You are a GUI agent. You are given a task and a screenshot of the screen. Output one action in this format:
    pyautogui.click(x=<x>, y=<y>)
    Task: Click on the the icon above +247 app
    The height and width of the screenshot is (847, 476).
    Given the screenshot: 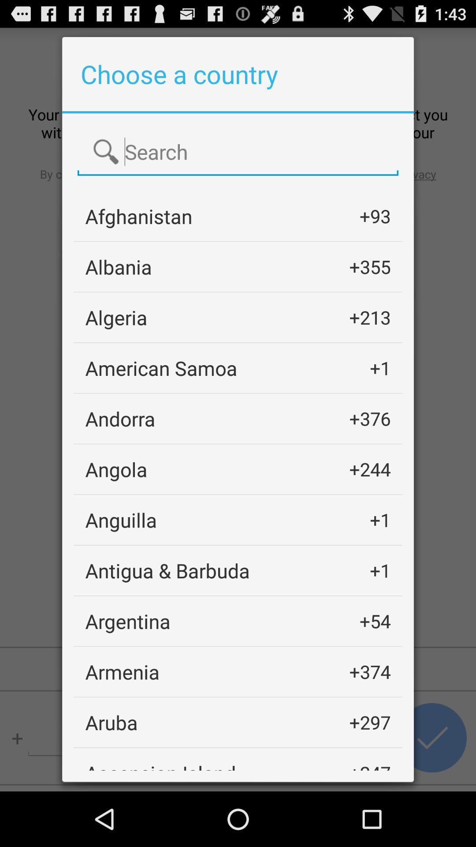 What is the action you would take?
    pyautogui.click(x=370, y=722)
    